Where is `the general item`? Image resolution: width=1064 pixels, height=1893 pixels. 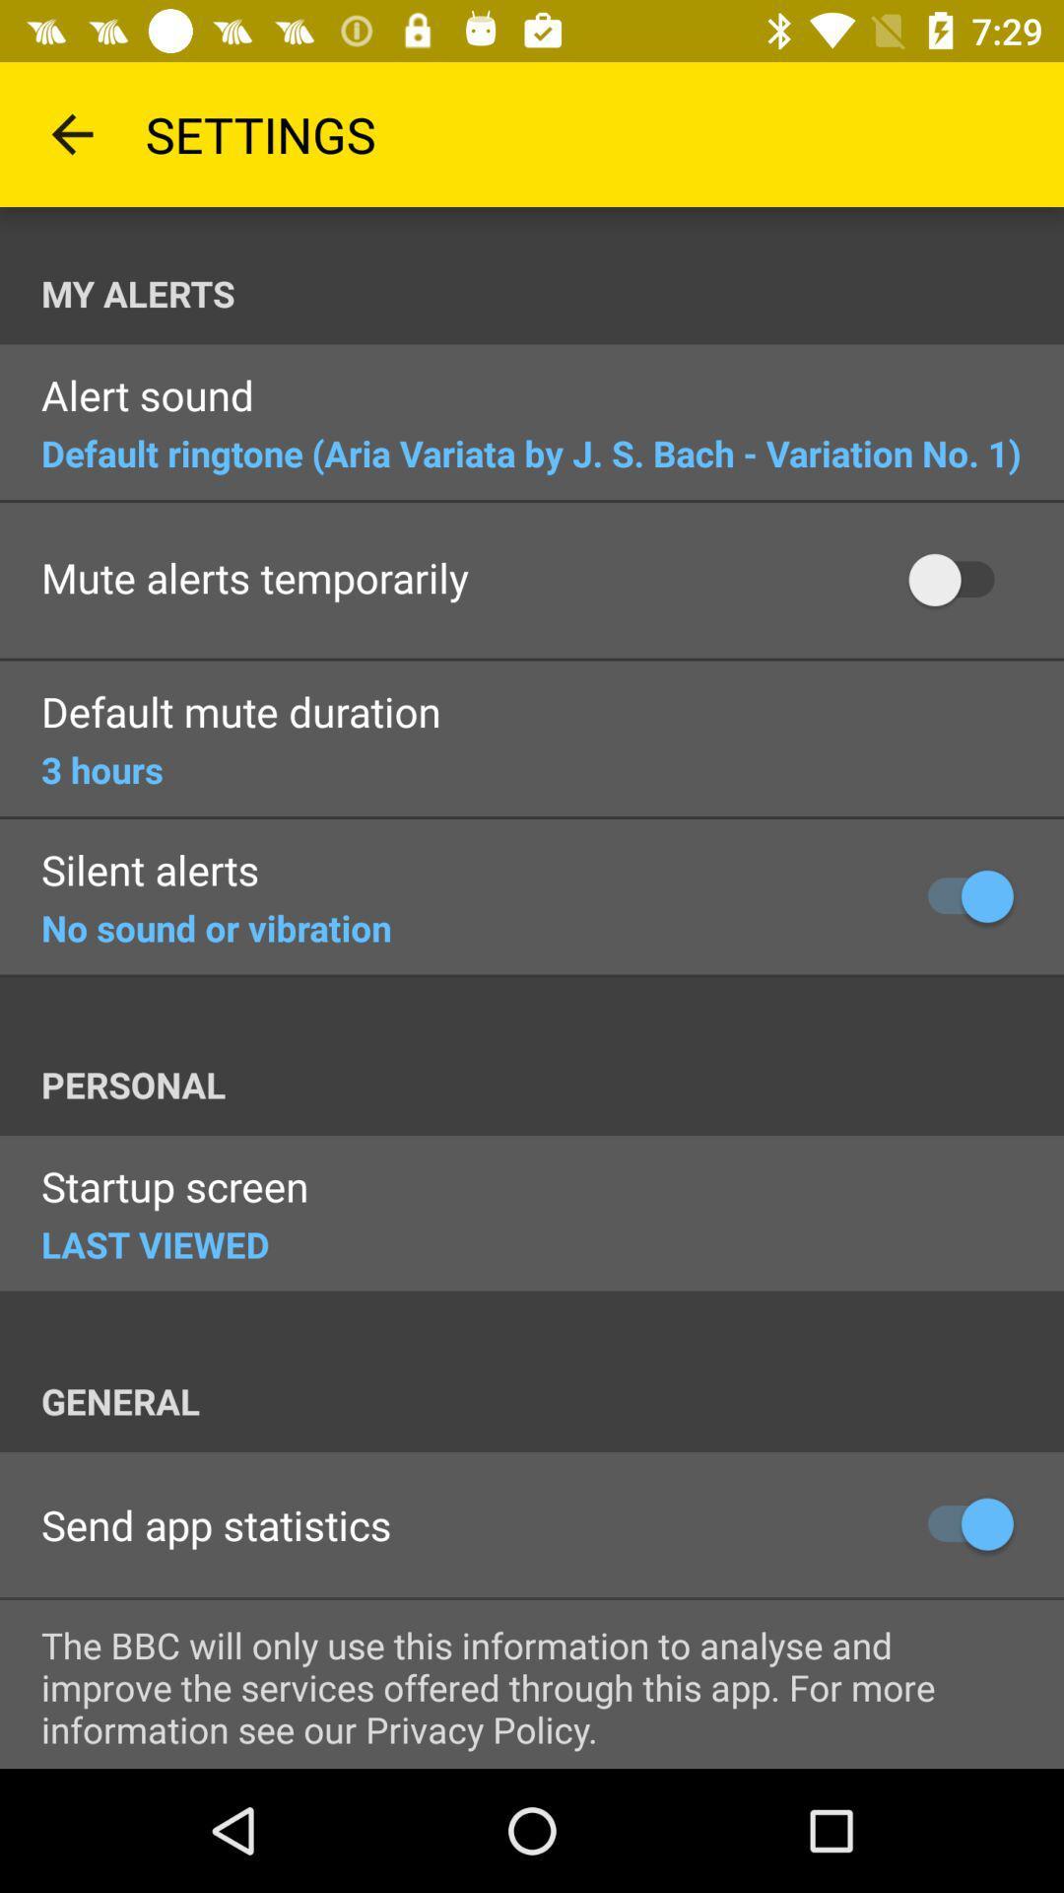 the general item is located at coordinates (552, 1400).